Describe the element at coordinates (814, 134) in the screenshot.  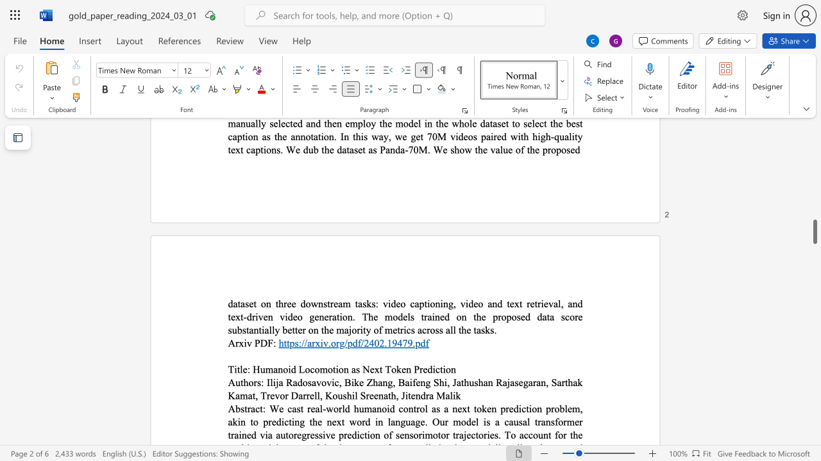
I see `the vertical scrollbar to raise the page content` at that location.